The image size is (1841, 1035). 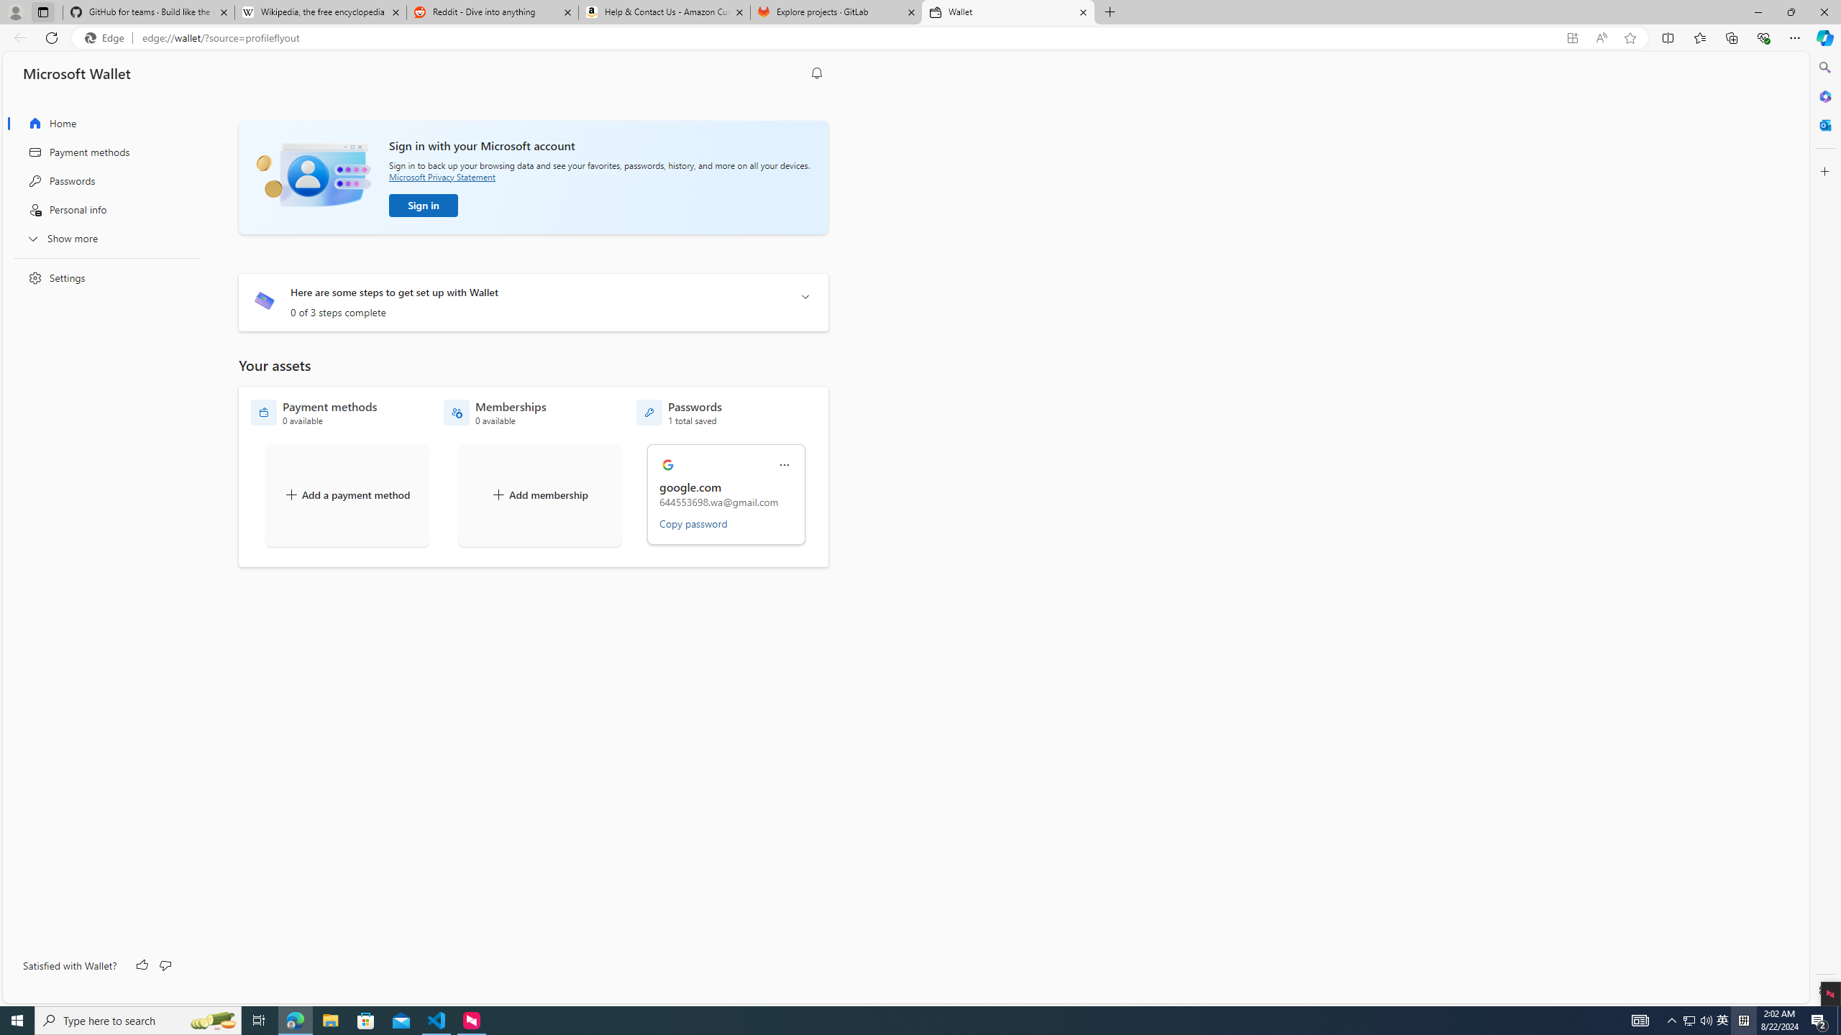 What do you see at coordinates (783, 465) in the screenshot?
I see `'More actions'` at bounding box center [783, 465].